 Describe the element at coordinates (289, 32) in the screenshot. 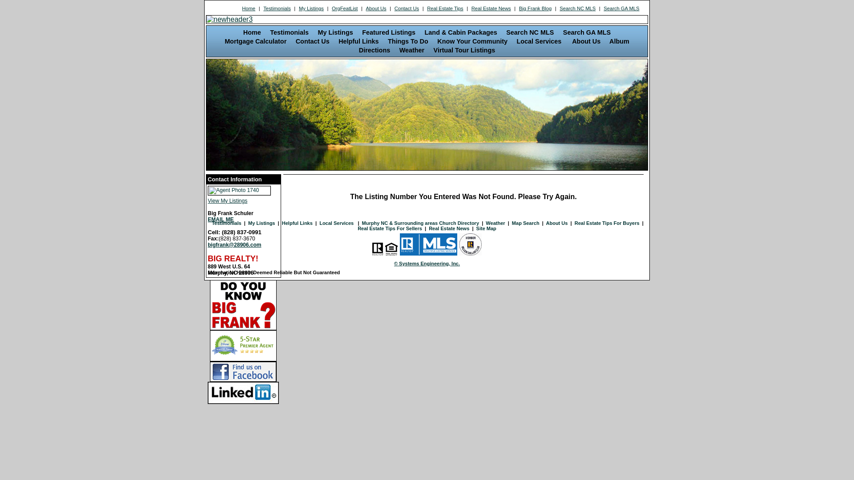

I see `'Testimonials'` at that location.